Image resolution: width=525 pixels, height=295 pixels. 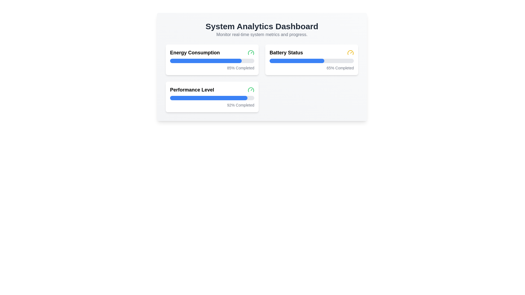 What do you see at coordinates (250, 89) in the screenshot?
I see `the gauge icon with a green stroke color located in the 'Performance Level' section of the user interface` at bounding box center [250, 89].